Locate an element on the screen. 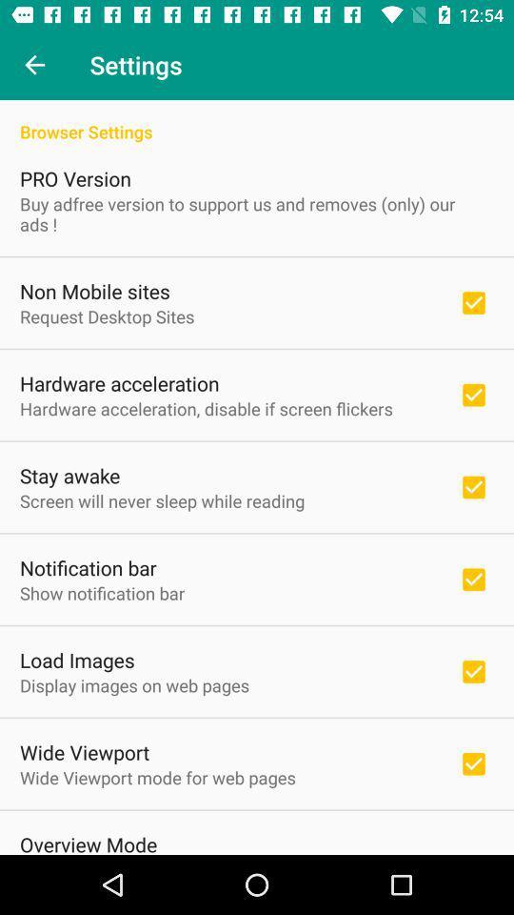 This screenshot has height=915, width=514. item to the left of the settings is located at coordinates (34, 65).